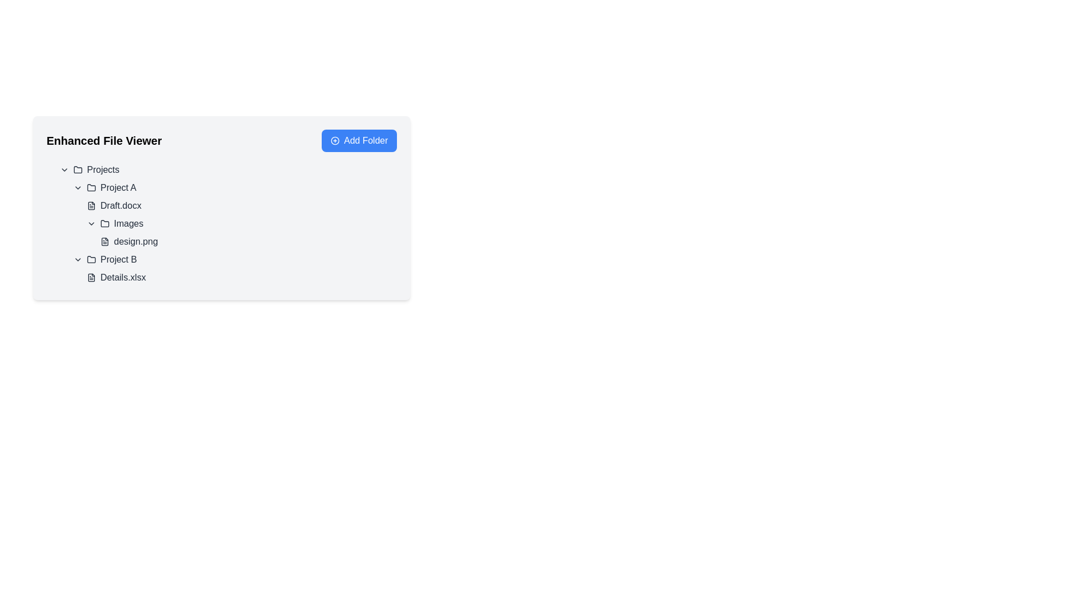 This screenshot has width=1078, height=606. Describe the element at coordinates (105, 241) in the screenshot. I see `the outlined document icon that is positioned to the left of the text 'design.png' in the file list under 'Images' in the 'Enhanced File Viewer'` at that location.